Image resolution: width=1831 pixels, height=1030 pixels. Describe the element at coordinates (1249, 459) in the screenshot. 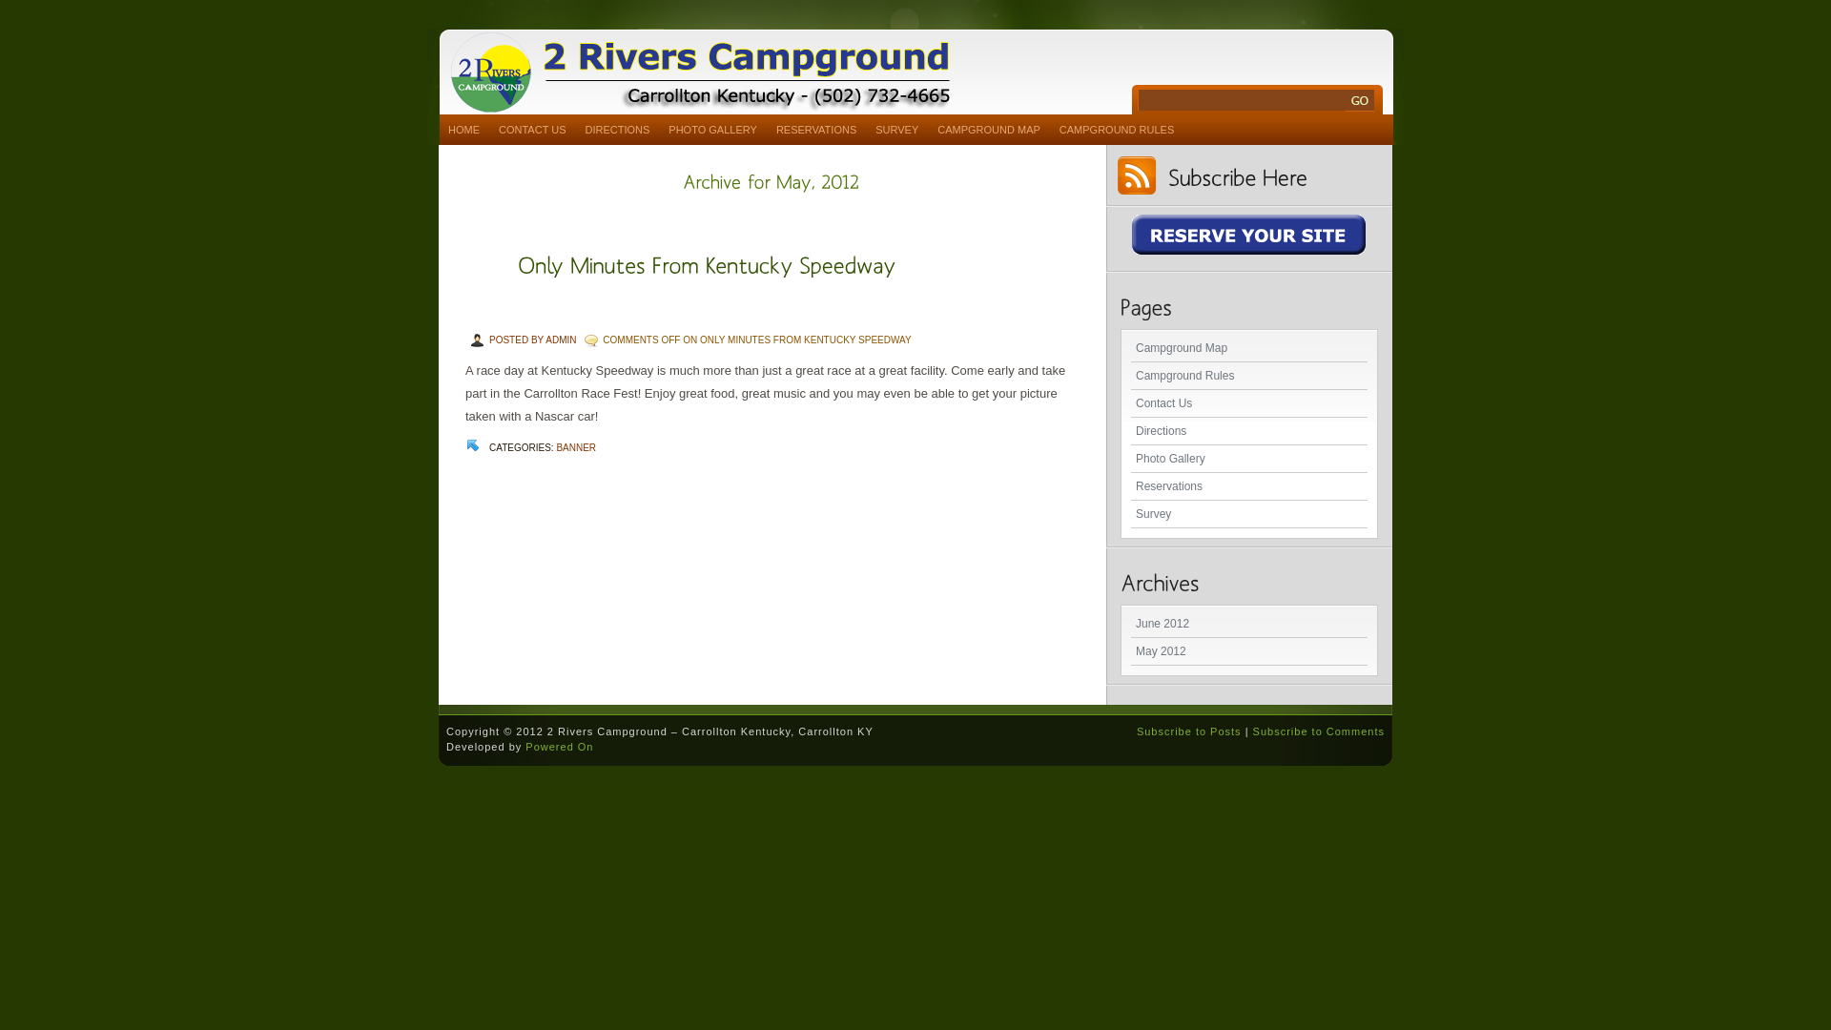

I see `'Photo Gallery'` at that location.